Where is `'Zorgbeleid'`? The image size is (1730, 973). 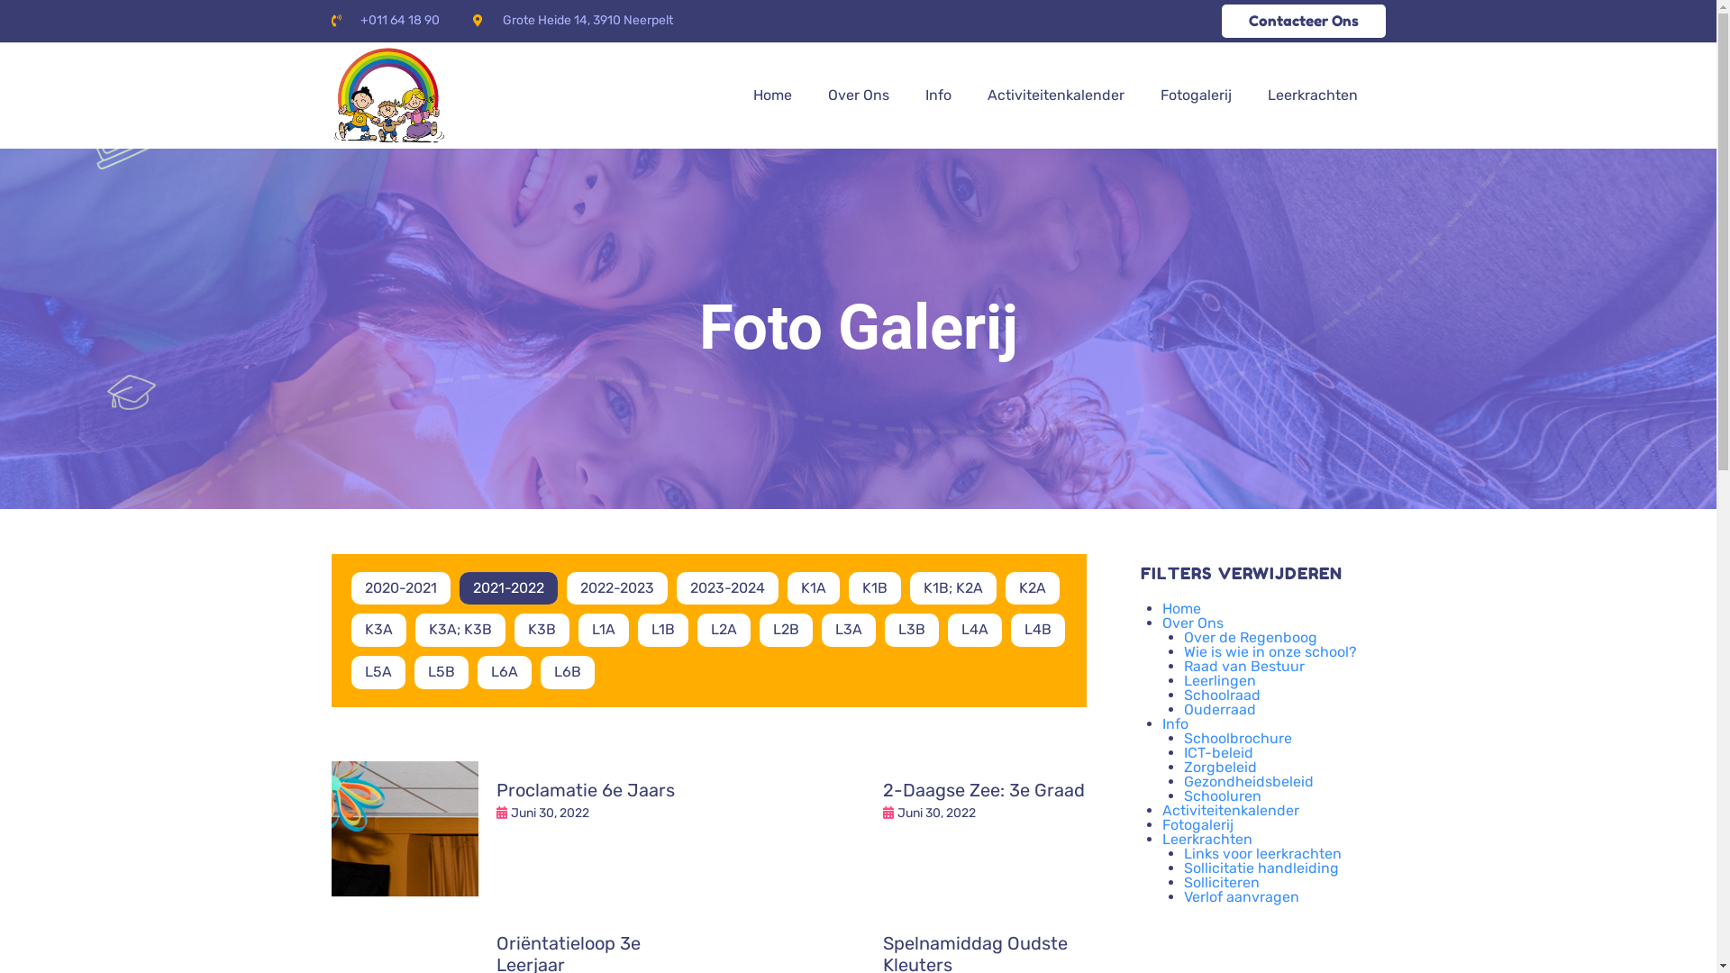
'Zorgbeleid' is located at coordinates (1220, 767).